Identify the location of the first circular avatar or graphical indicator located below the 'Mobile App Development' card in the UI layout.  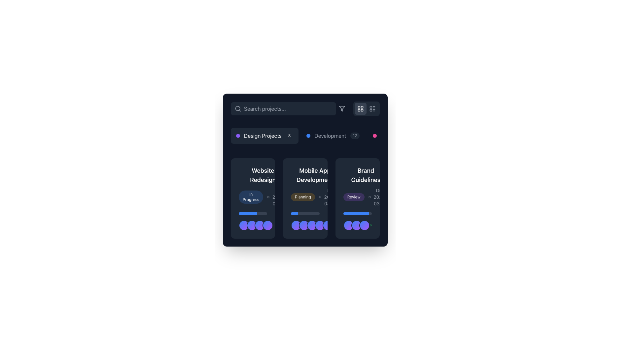
(296, 225).